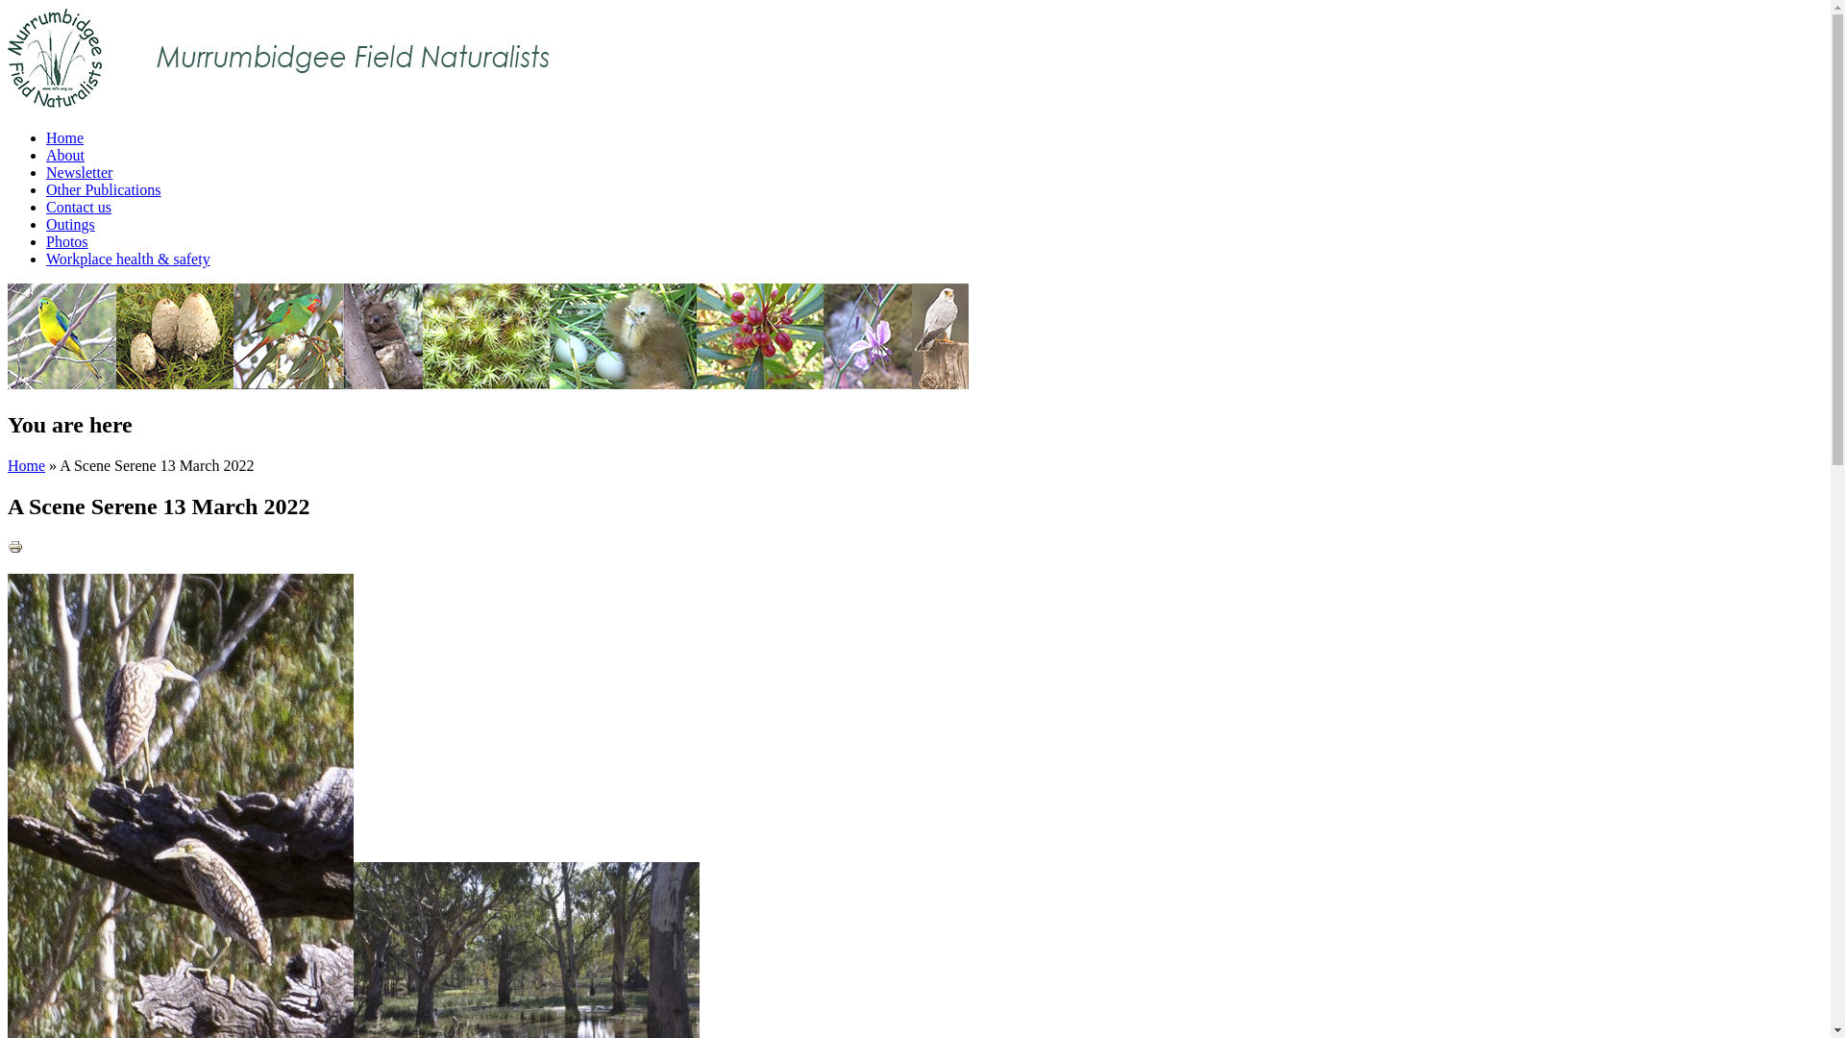 This screenshot has width=1845, height=1038. What do you see at coordinates (46, 207) in the screenshot?
I see `'Contact us'` at bounding box center [46, 207].